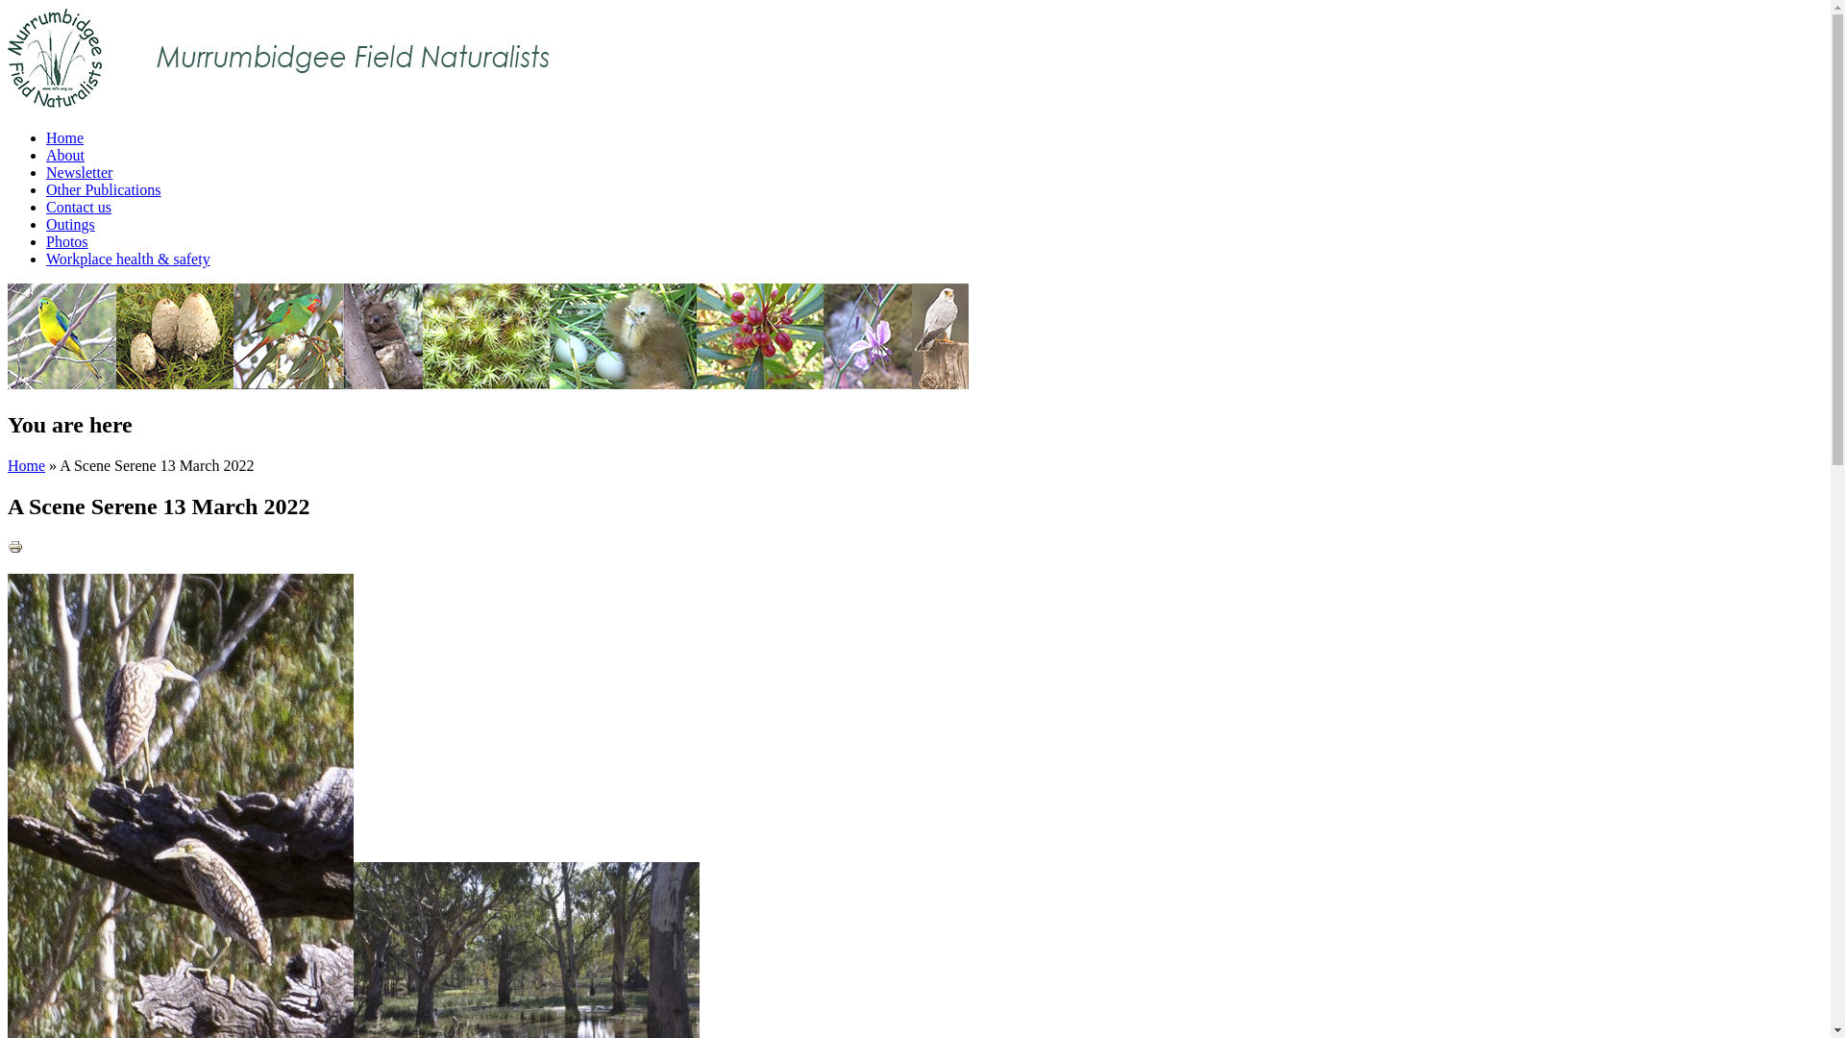 This screenshot has width=1845, height=1038. What do you see at coordinates (46, 207) in the screenshot?
I see `'Contact us'` at bounding box center [46, 207].